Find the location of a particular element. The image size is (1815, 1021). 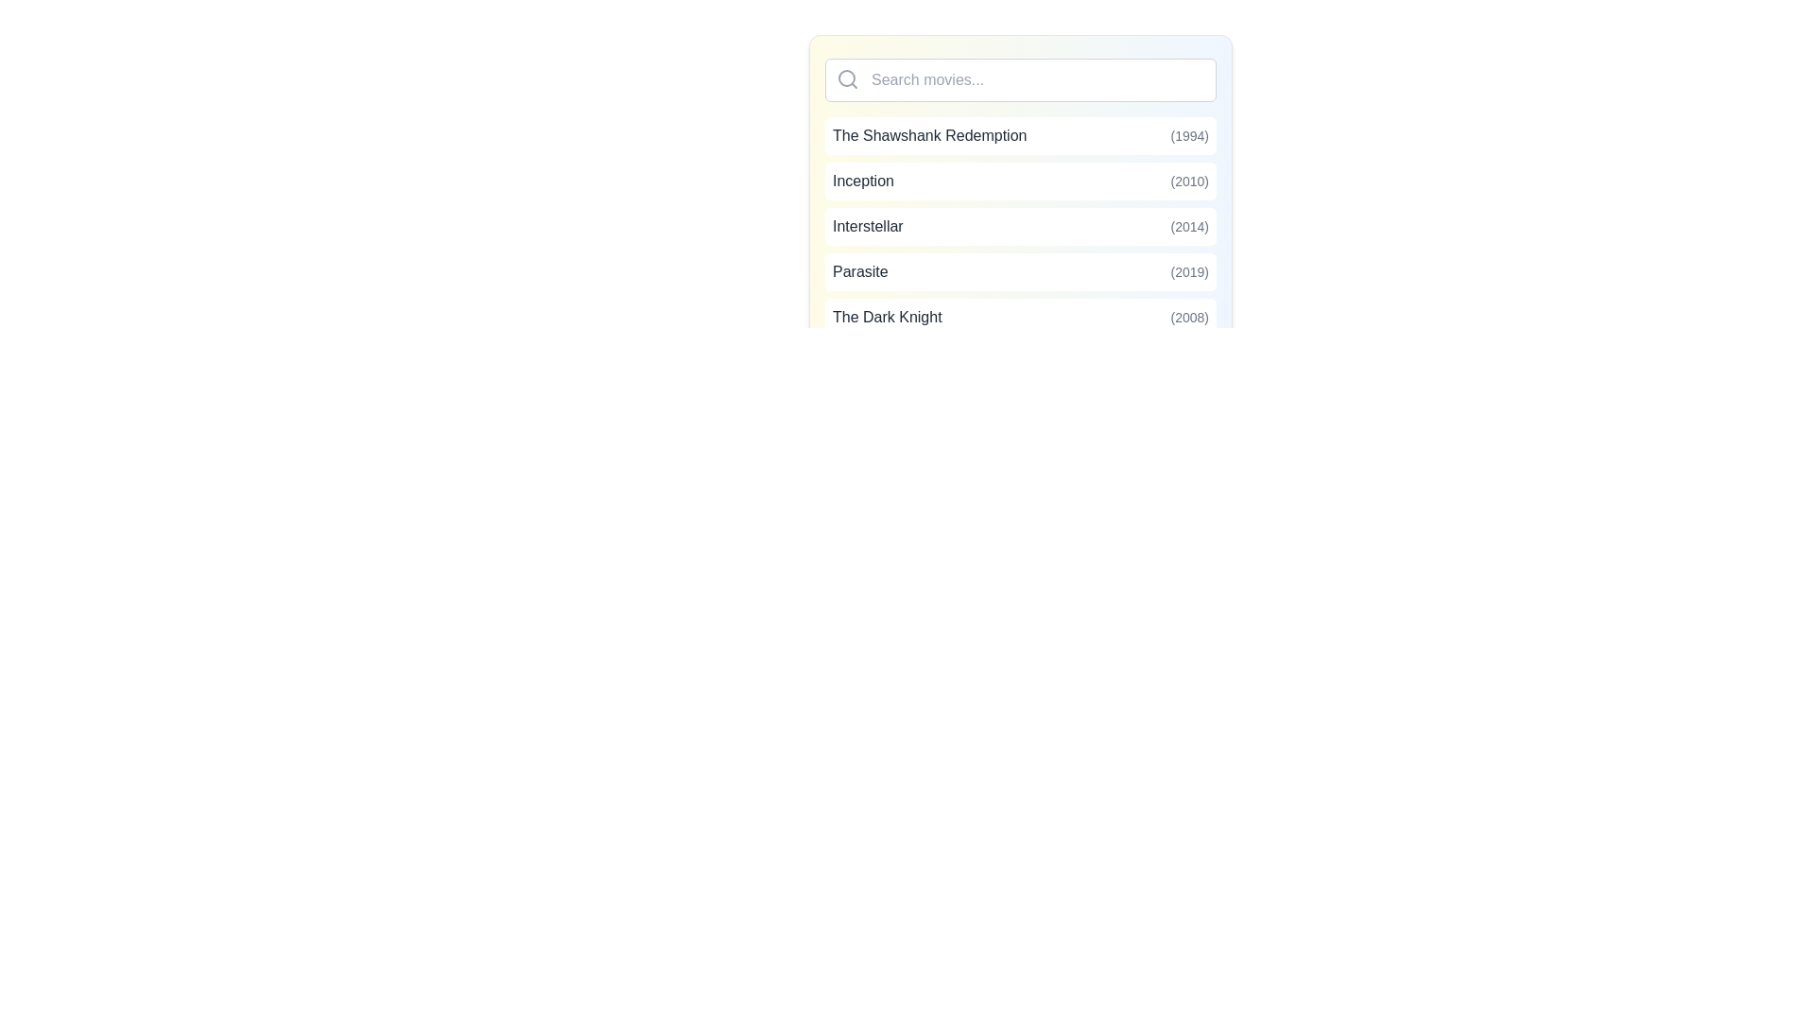

the Text Label displaying 'The Shawshank Redemption', which is styled in dark gray and positioned as the primary title in a selectable list item is located at coordinates (929, 134).